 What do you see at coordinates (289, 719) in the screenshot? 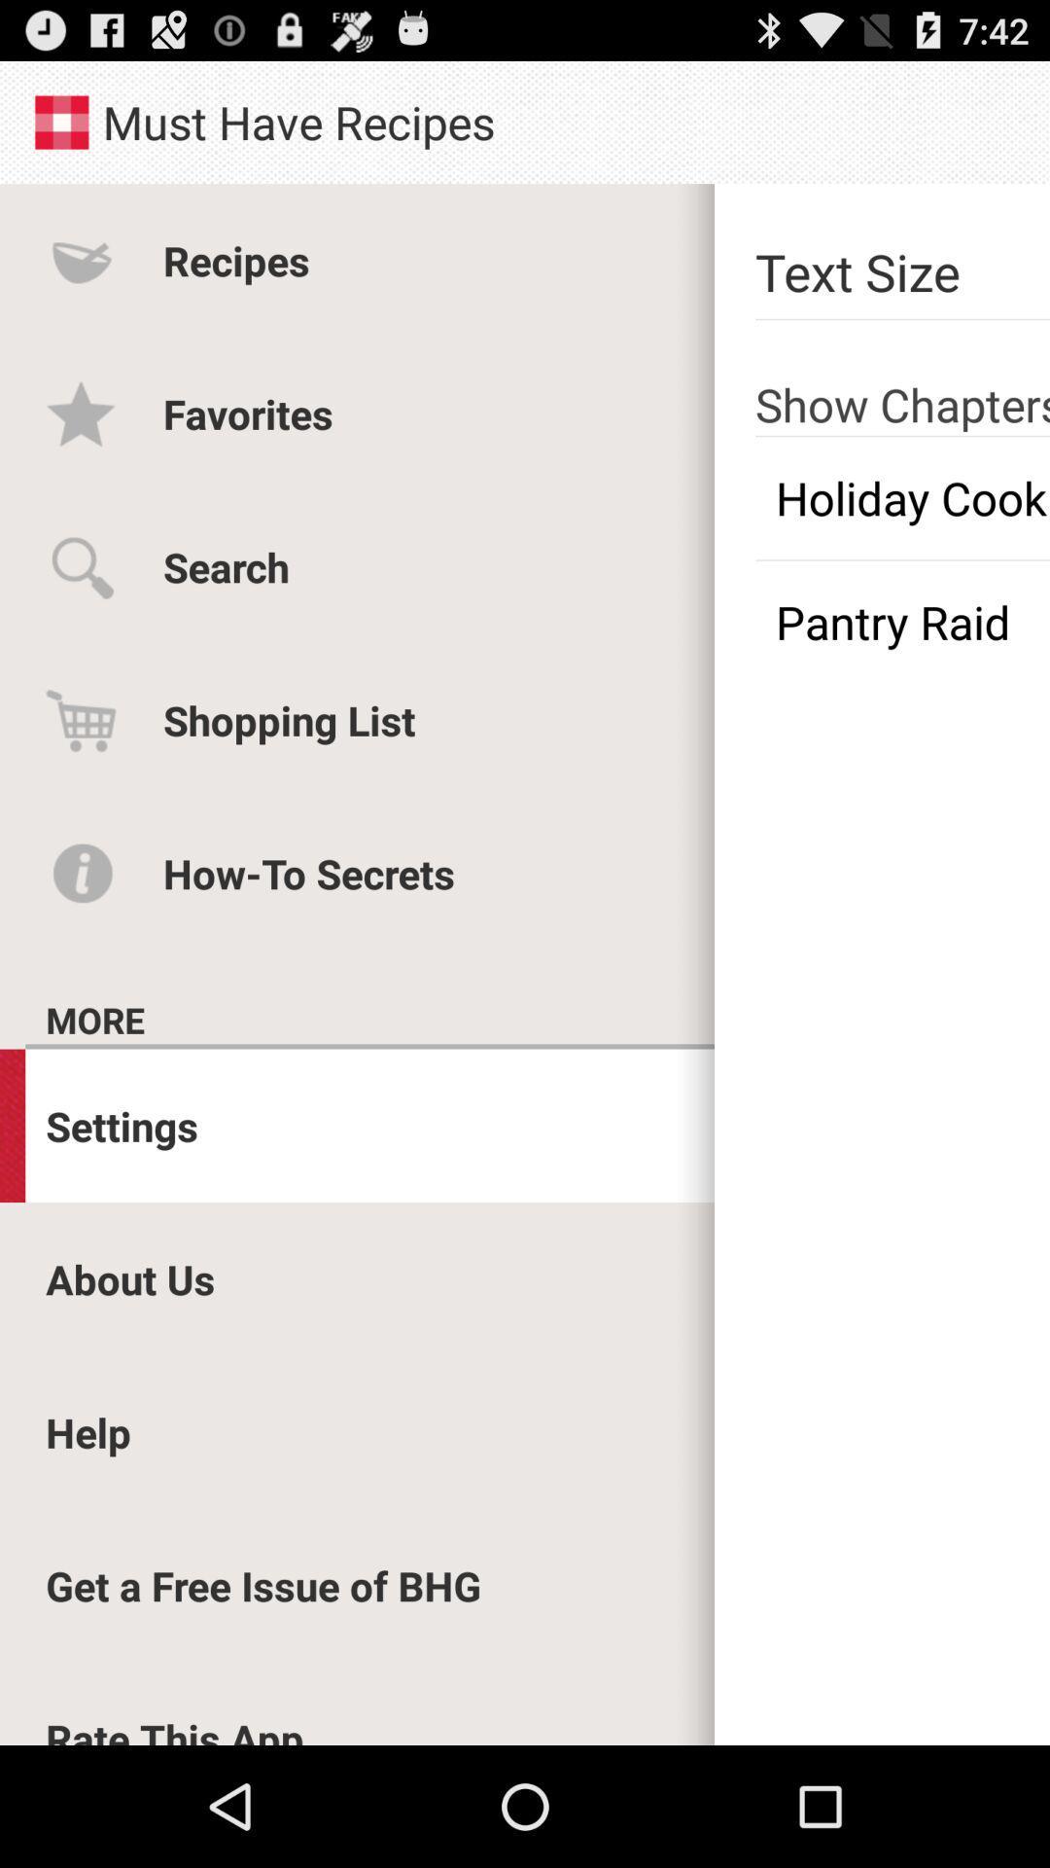
I see `app above the how-to secrets icon` at bounding box center [289, 719].